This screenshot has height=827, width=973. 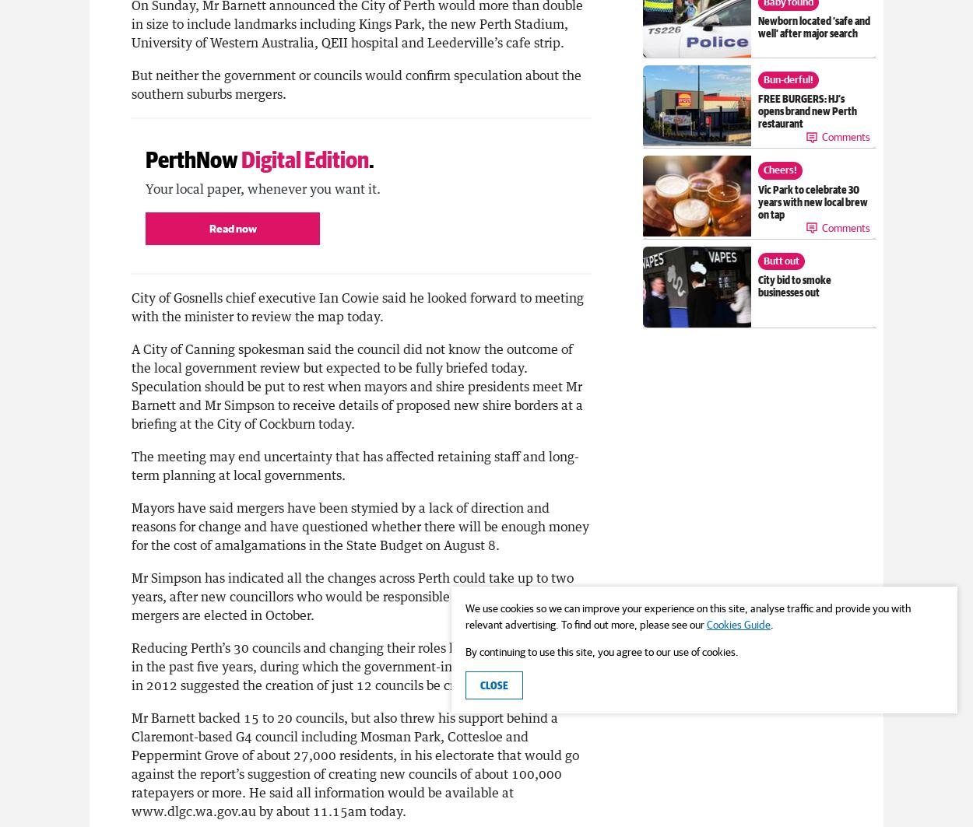 What do you see at coordinates (359, 664) in the screenshot?
I see `'Reducing Perth’s 30 councils and changing their roles has failed several times in the past five years, during which the government-initiated Robson Report in 2012 suggested the creation of just 12 councils be created.'` at bounding box center [359, 664].